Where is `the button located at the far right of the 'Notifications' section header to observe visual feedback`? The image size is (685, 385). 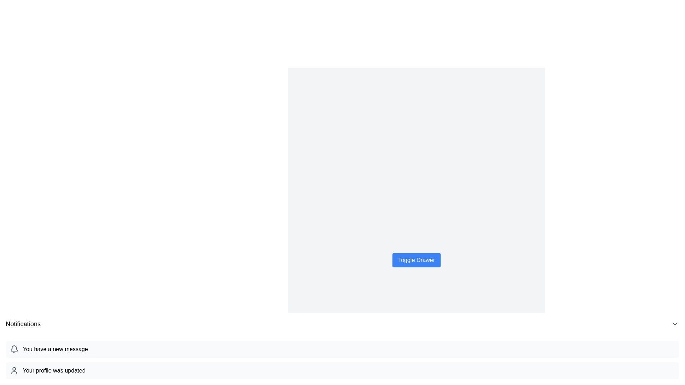
the button located at the far right of the 'Notifications' section header to observe visual feedback is located at coordinates (674, 324).